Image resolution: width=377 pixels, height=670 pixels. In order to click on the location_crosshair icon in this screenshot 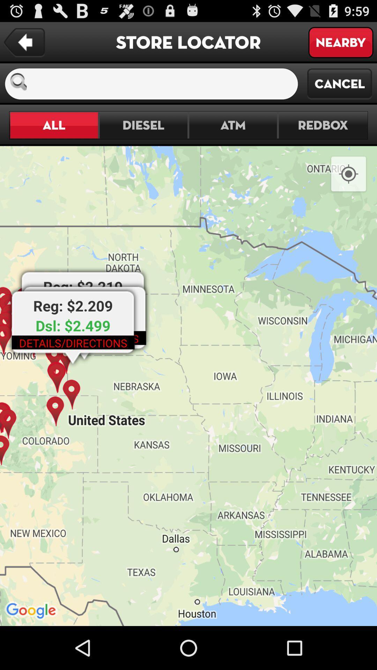, I will do `click(348, 186)`.